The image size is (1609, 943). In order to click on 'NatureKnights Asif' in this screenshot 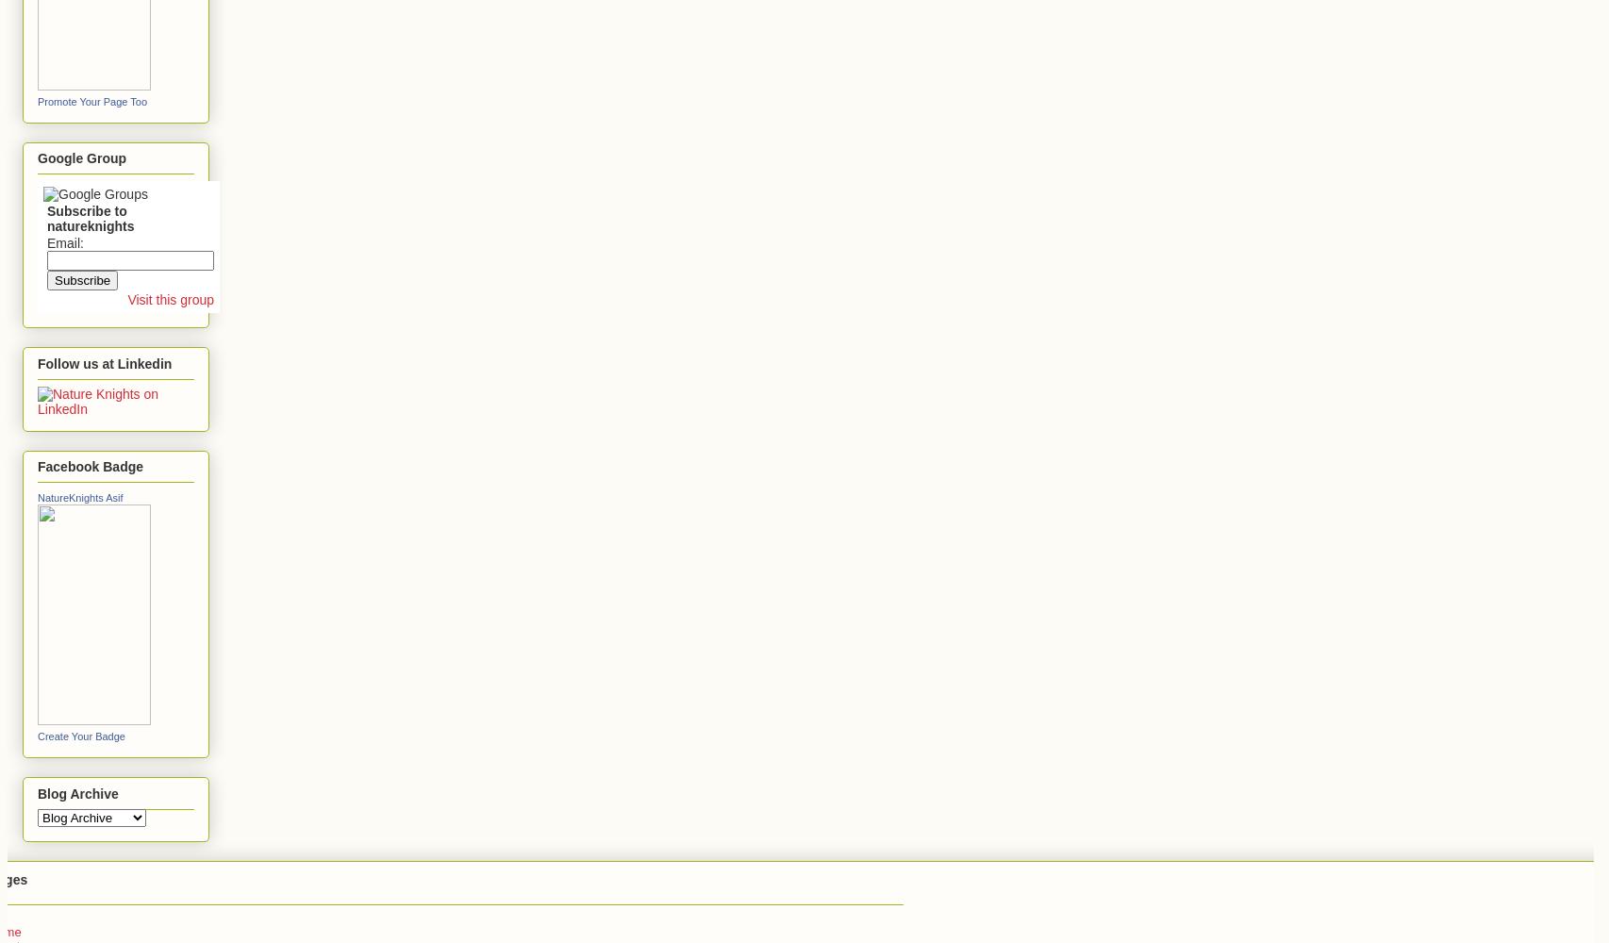, I will do `click(79, 498)`.